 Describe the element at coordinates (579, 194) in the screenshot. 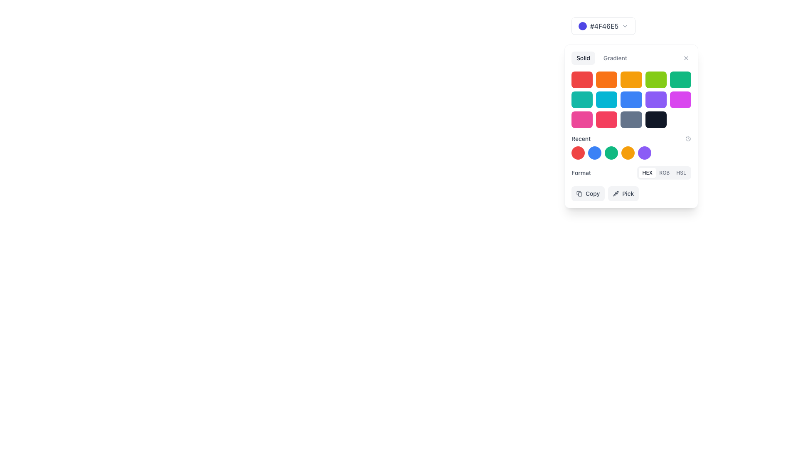

I see `the copy icon, which is a compact square icon resembling two overlapping sheets of paper, located within the 'Copy' button in the color selection dialog interface` at that location.